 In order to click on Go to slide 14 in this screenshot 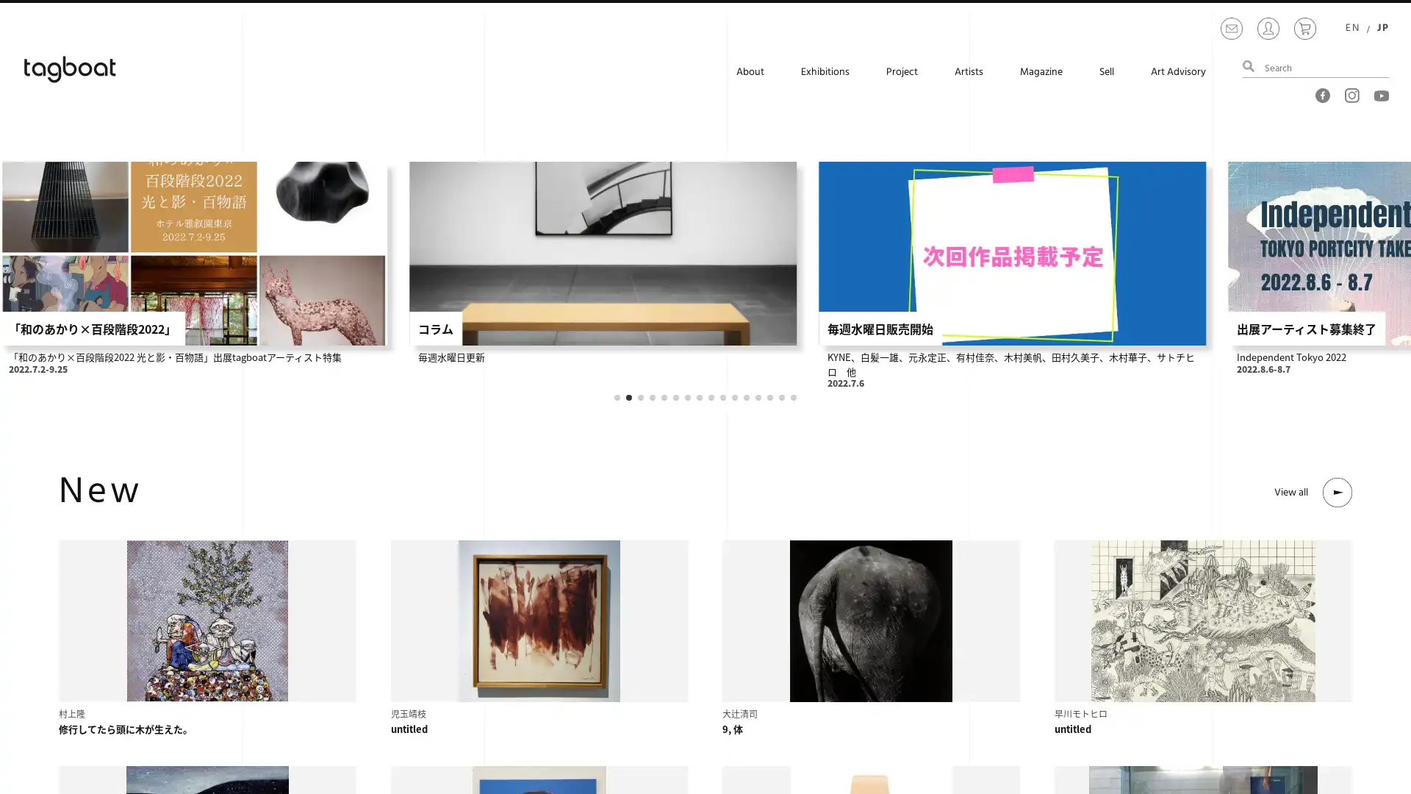, I will do `click(769, 397)`.